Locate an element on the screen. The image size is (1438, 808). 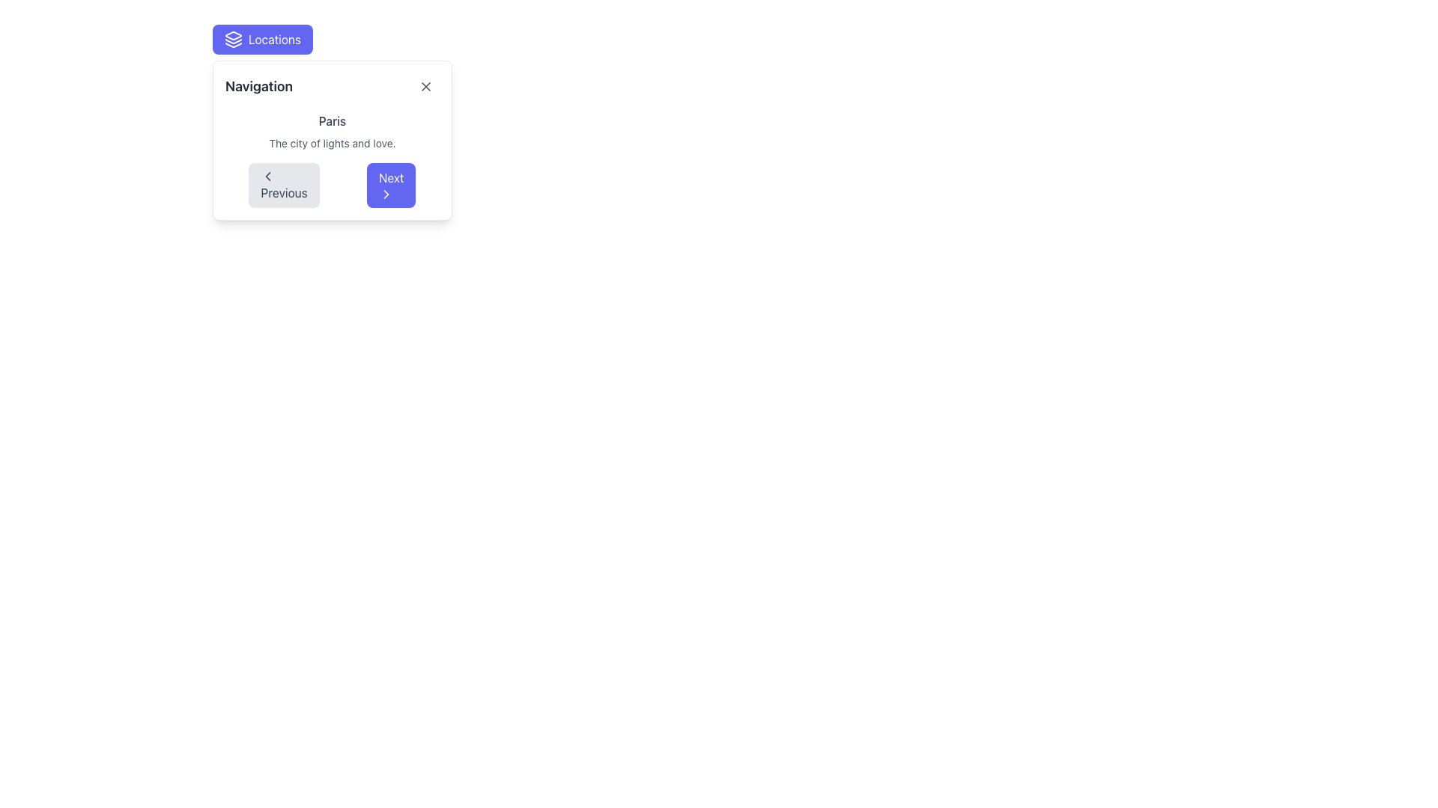
the navigational button located near the top left of the dialog box interface is located at coordinates (262, 39).